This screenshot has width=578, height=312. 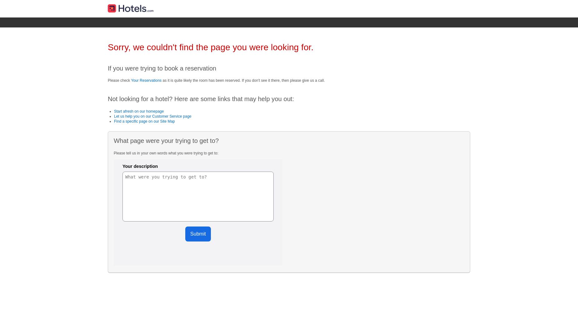 What do you see at coordinates (146, 80) in the screenshot?
I see `'Your Reservations'` at bounding box center [146, 80].